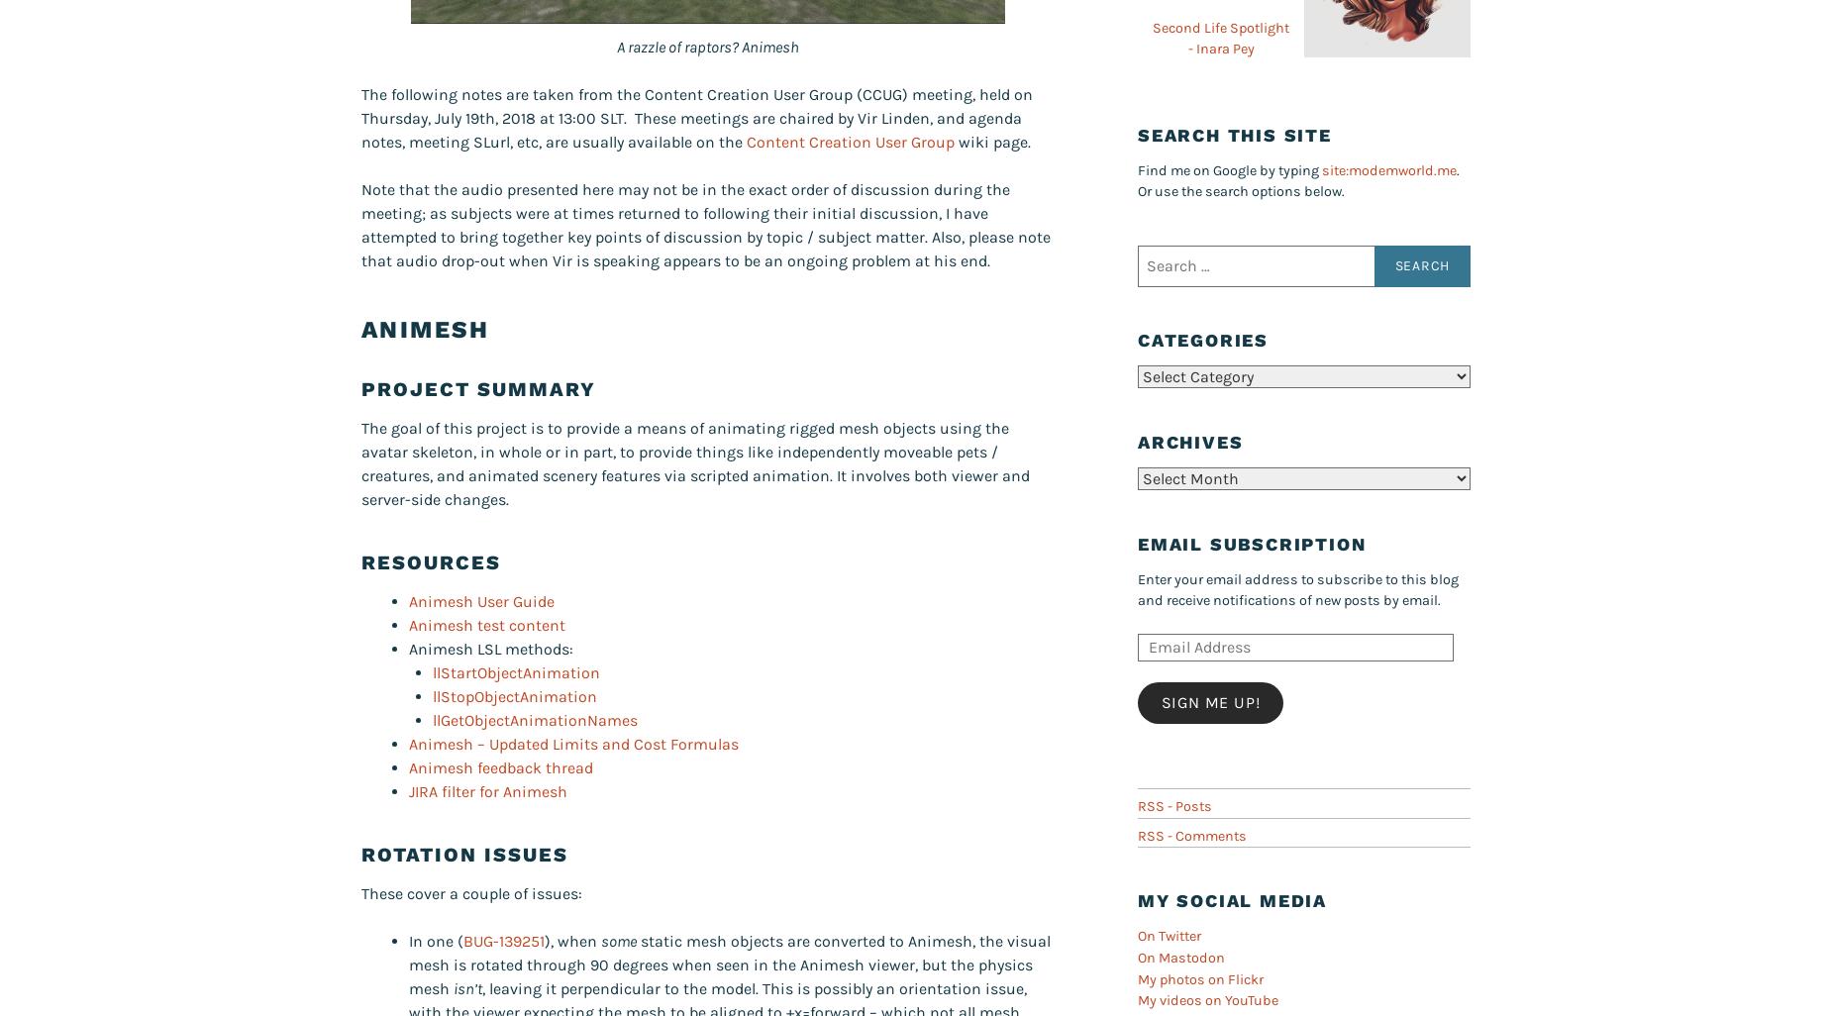  Describe the element at coordinates (1180, 958) in the screenshot. I see `'On Mastodon'` at that location.